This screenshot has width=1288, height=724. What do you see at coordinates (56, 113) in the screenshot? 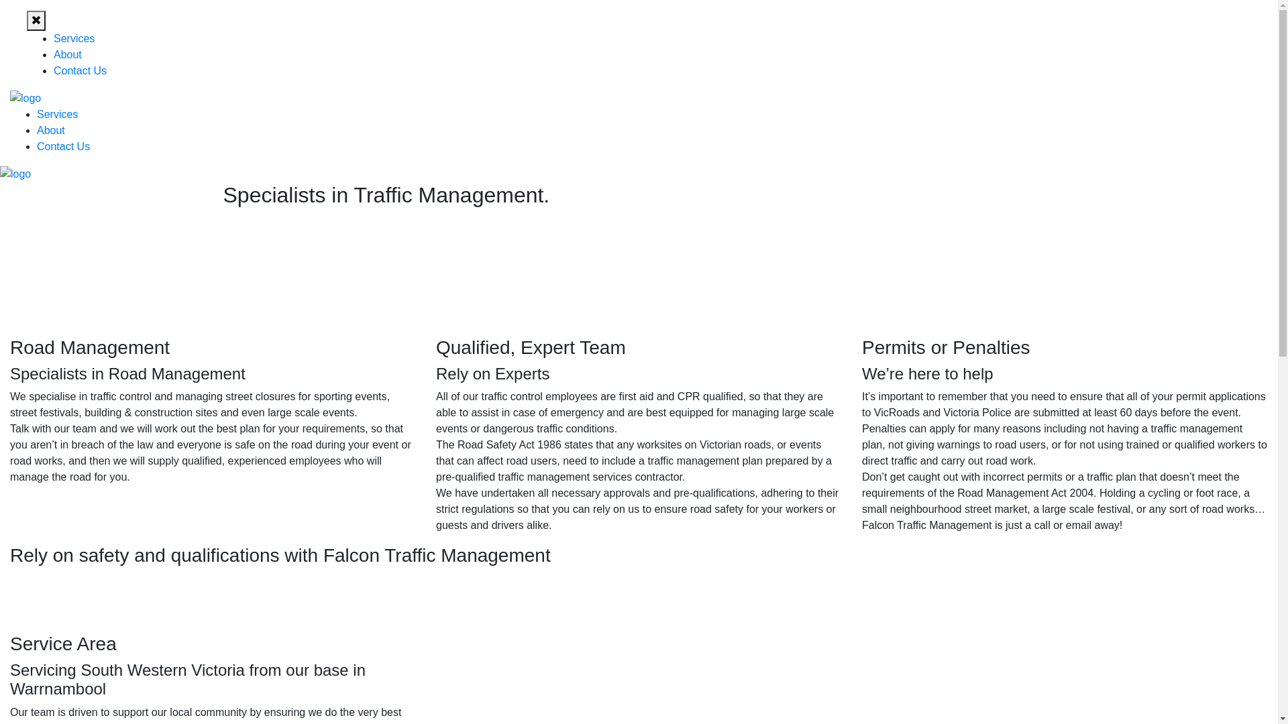
I see `'Services'` at bounding box center [56, 113].